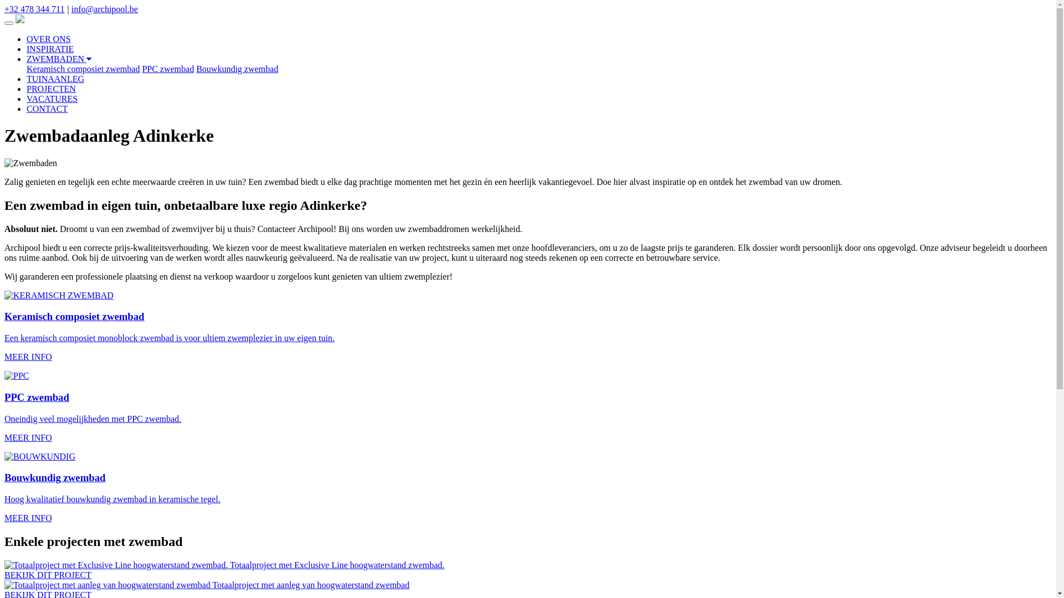  Describe the element at coordinates (55, 78) in the screenshot. I see `'TUINAANLEG'` at that location.